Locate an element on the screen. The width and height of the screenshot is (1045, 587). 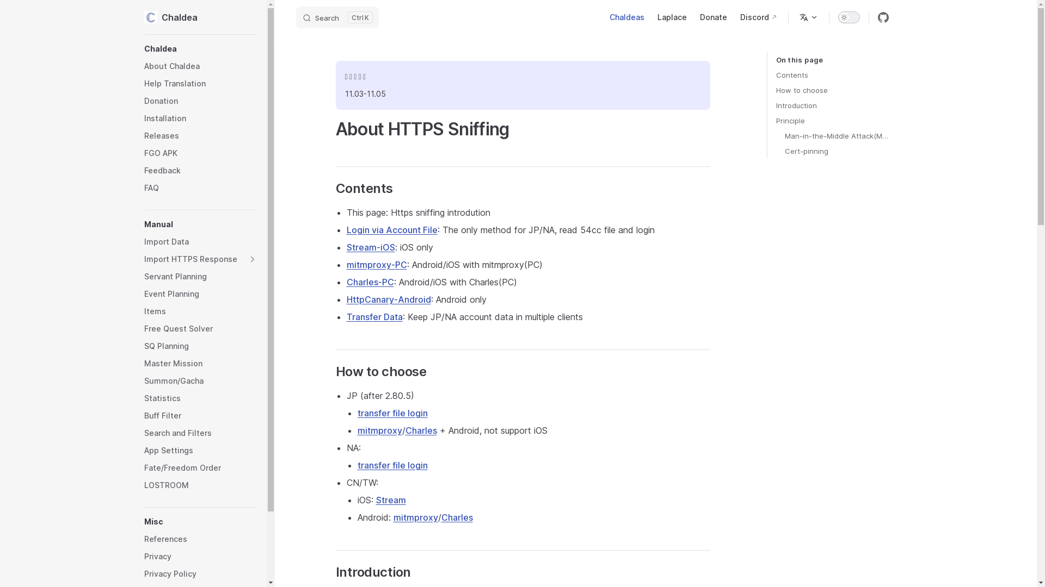
'LOSTROOM' is located at coordinates (200, 485).